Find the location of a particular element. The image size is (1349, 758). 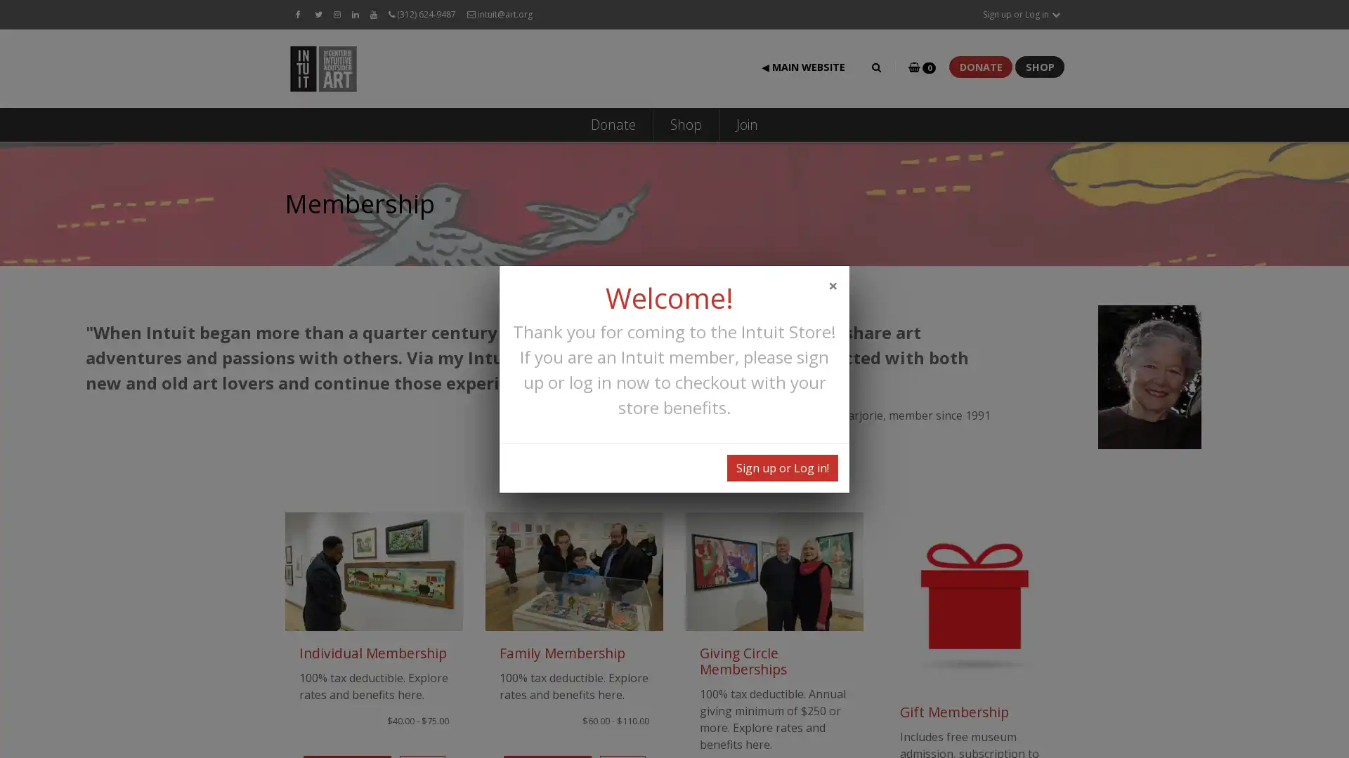

Close is located at coordinates (833, 284).